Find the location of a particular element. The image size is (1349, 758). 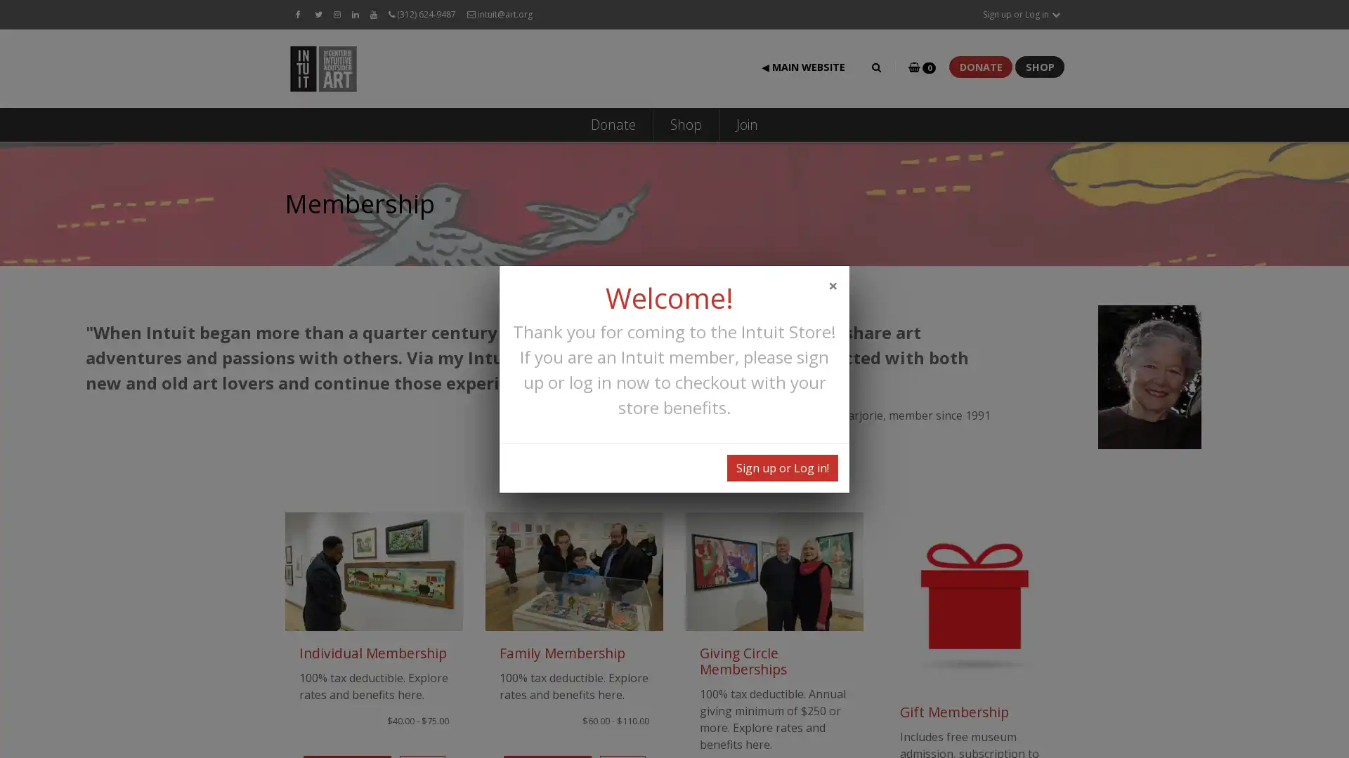

Close is located at coordinates (833, 284).